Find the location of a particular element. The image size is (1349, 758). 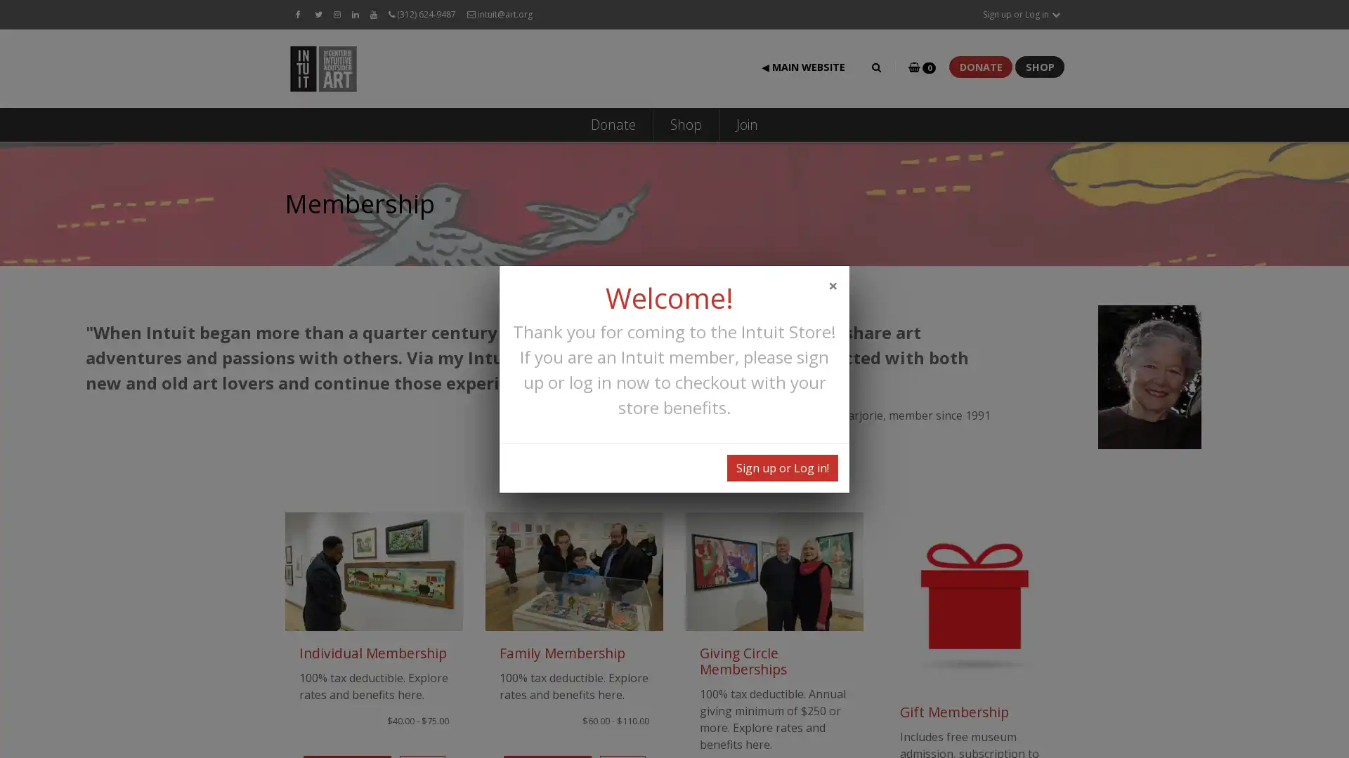

Close is located at coordinates (833, 284).